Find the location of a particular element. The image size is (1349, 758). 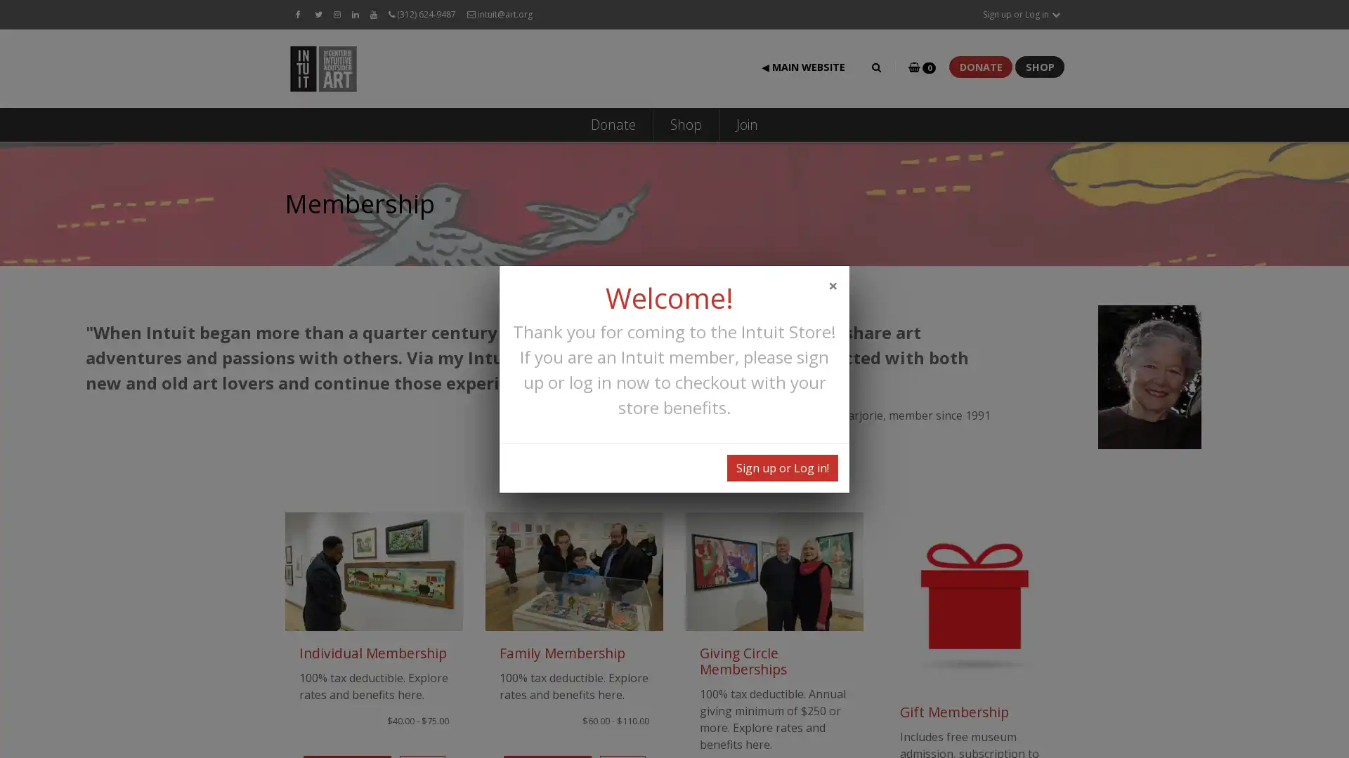

Close is located at coordinates (833, 284).